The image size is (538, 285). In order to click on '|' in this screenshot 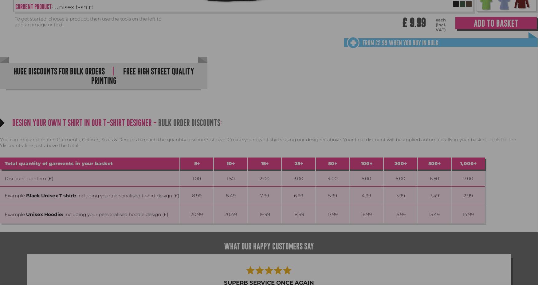, I will do `click(112, 71)`.